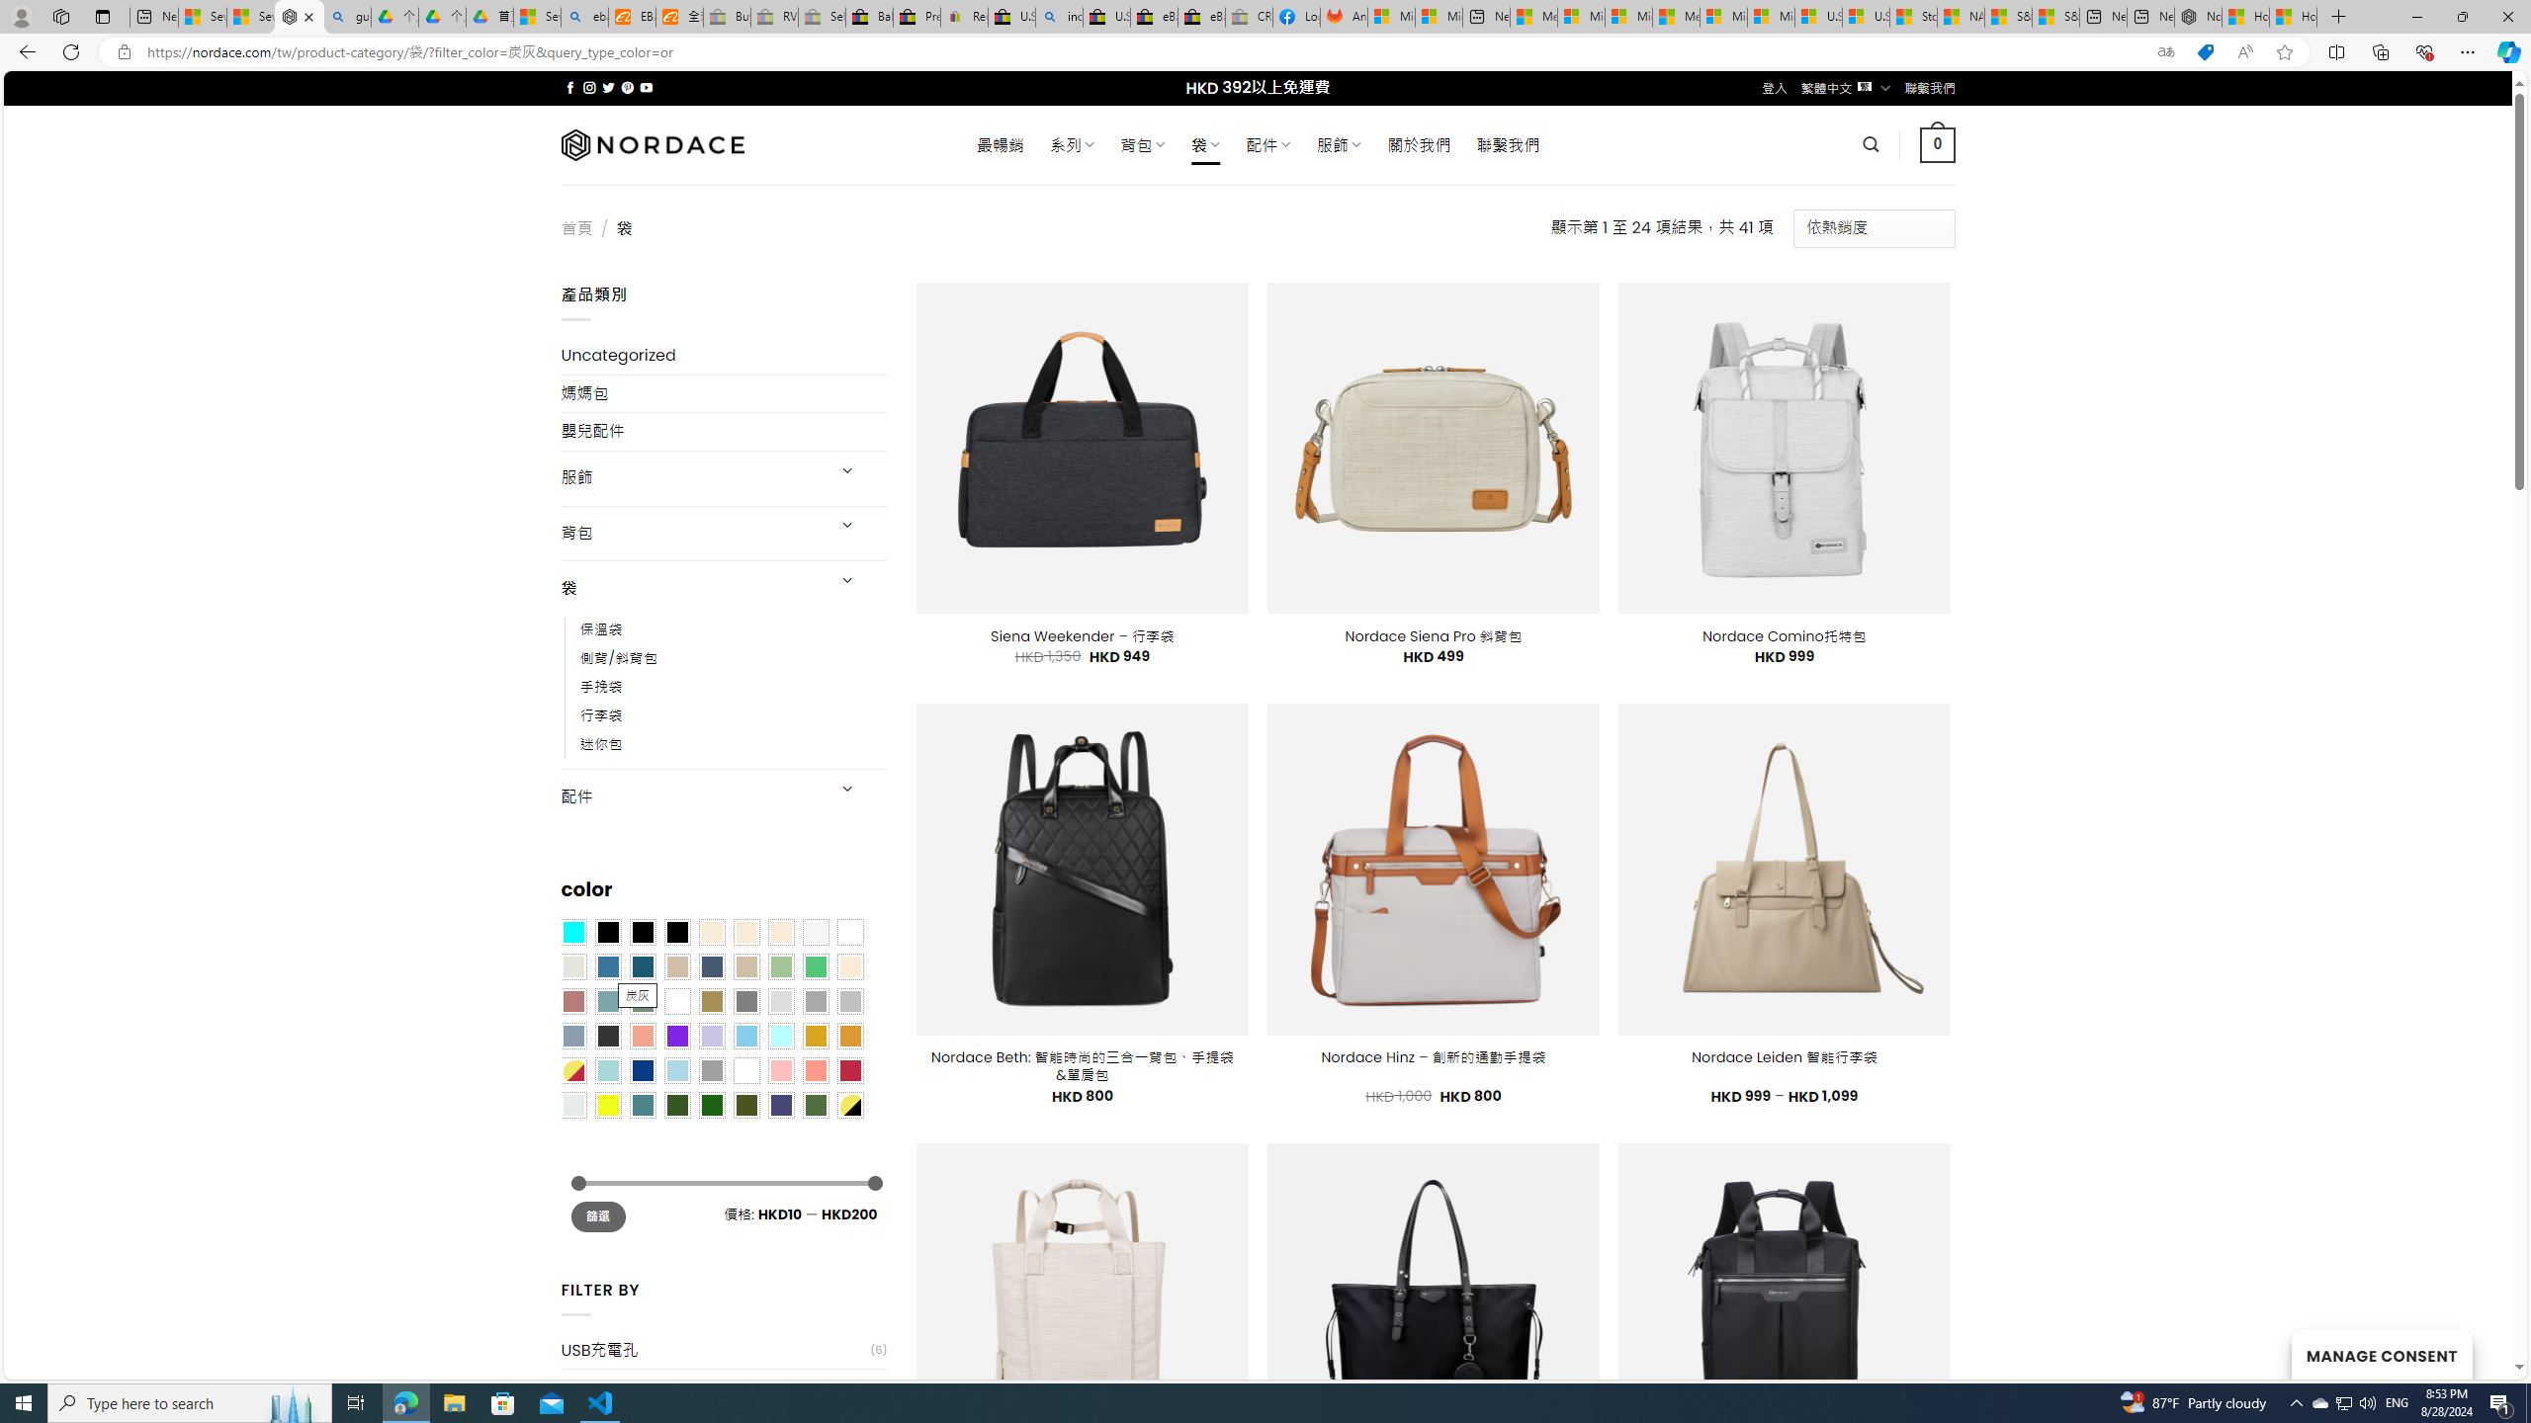 This screenshot has height=1423, width=2531. Describe the element at coordinates (2381, 1354) in the screenshot. I see `'MANAGE CONSENT'` at that location.